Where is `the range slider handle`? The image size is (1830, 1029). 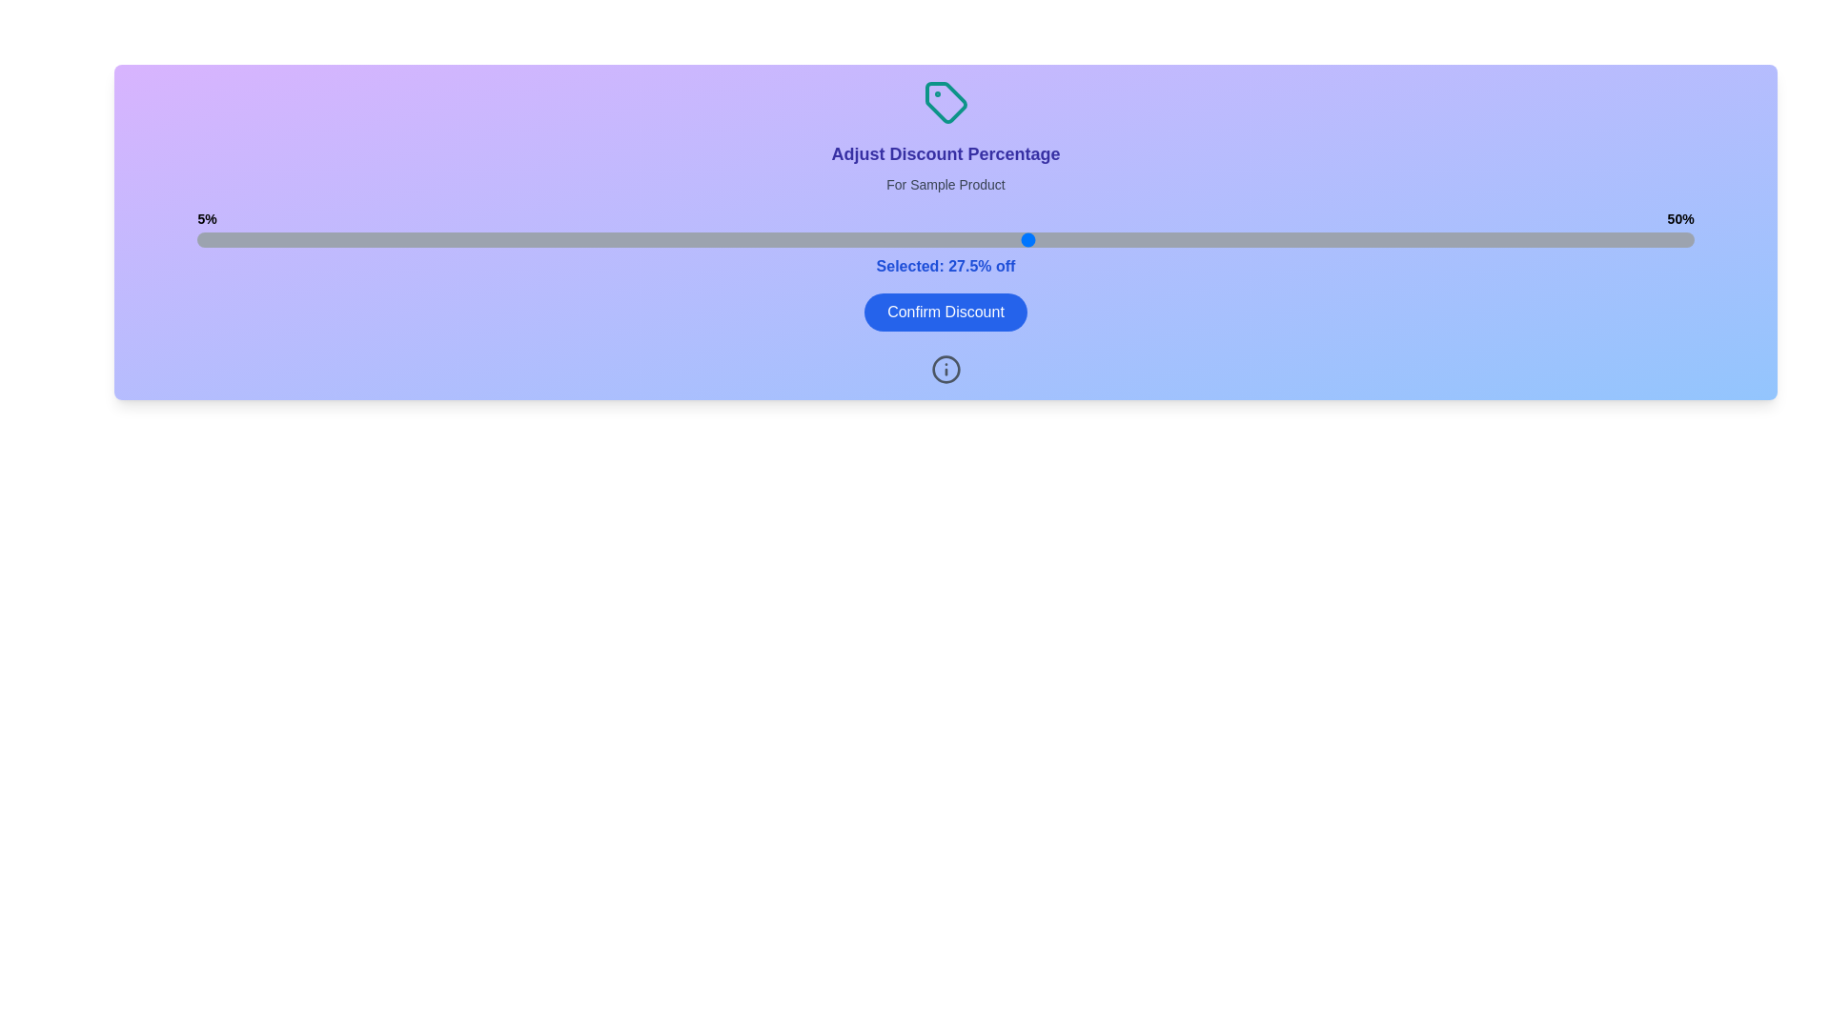 the range slider handle is located at coordinates (945, 238).